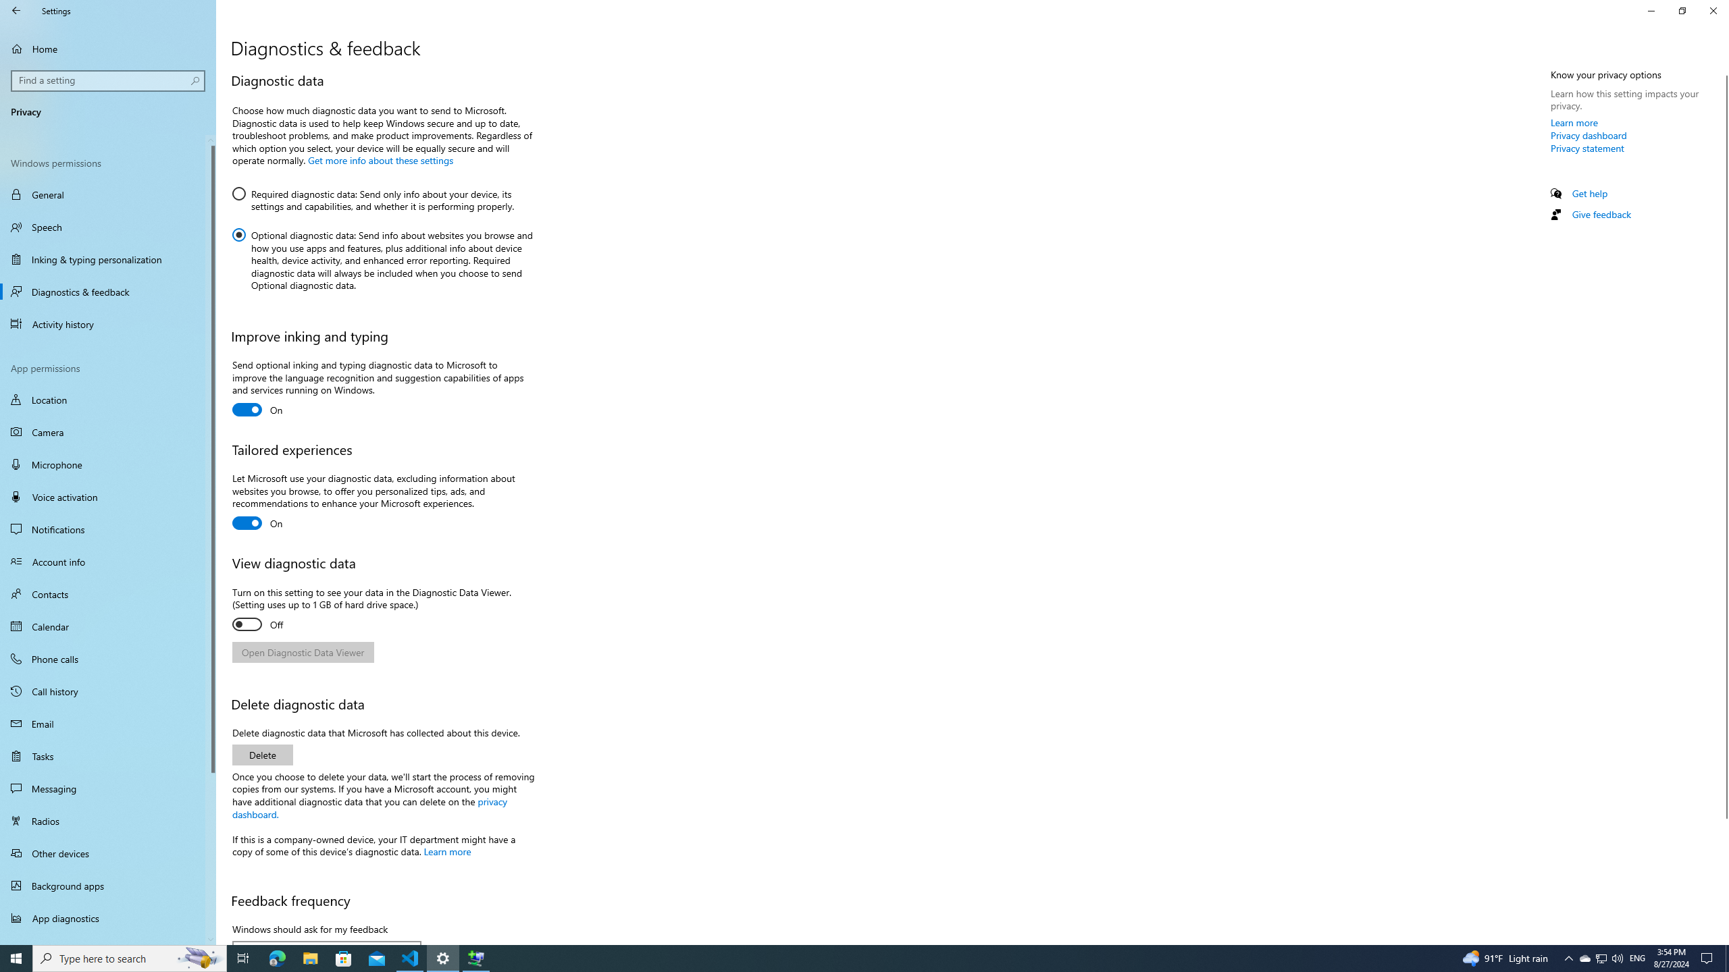  I want to click on 'Give feedback', so click(1600, 214).